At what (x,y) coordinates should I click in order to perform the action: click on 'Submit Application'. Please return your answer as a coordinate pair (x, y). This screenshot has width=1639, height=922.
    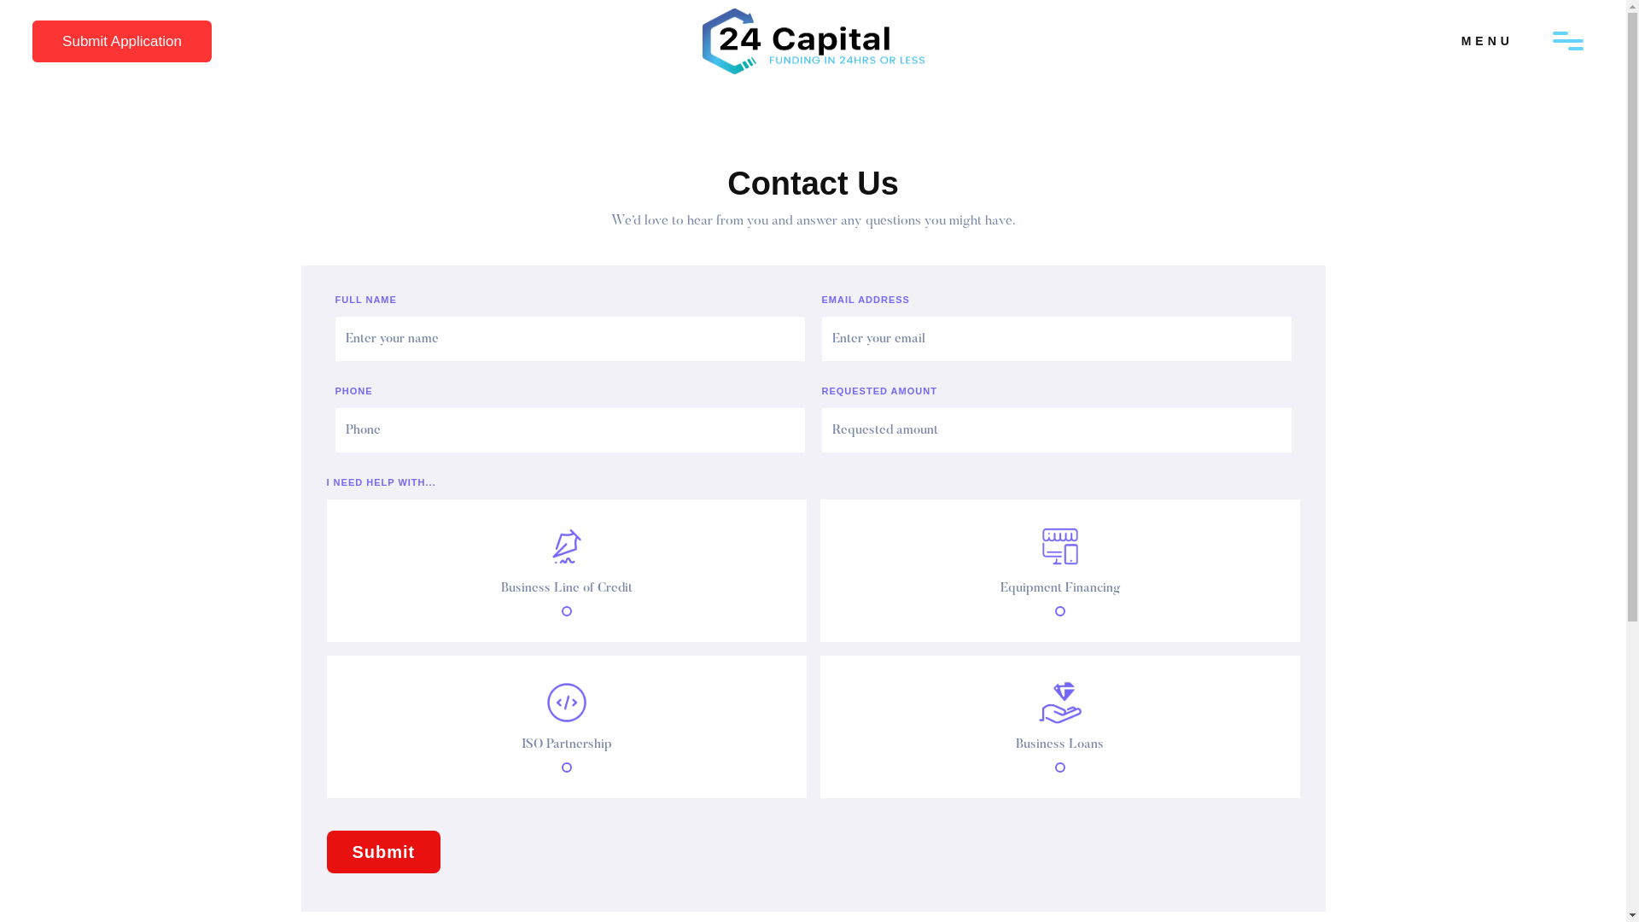
    Looking at the image, I should click on (121, 40).